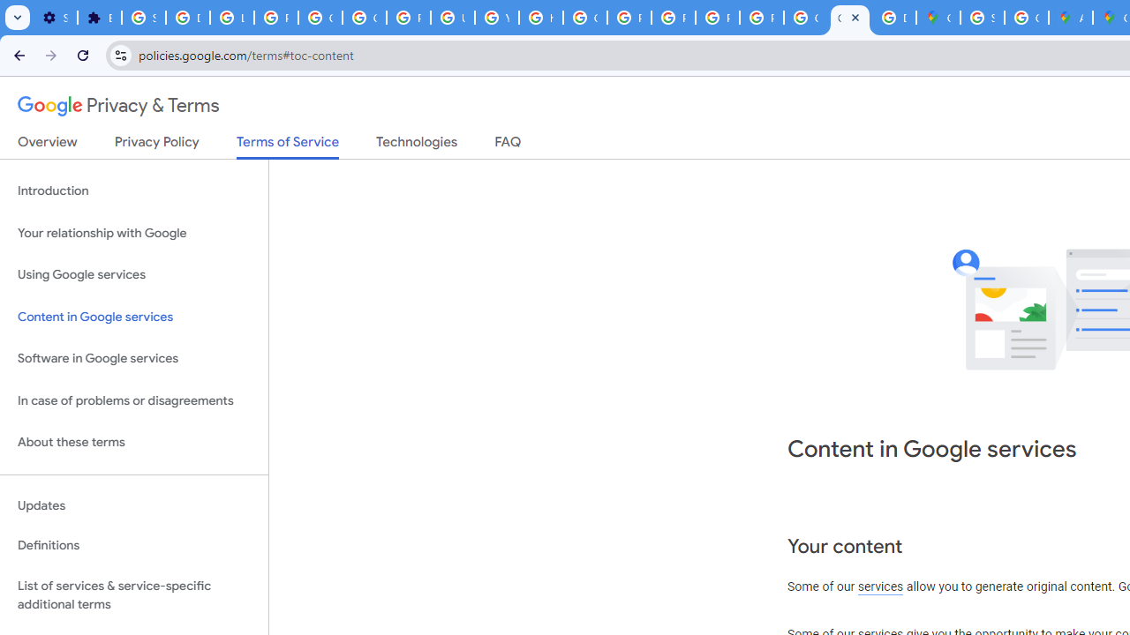 The image size is (1130, 635). Describe the element at coordinates (288, 146) in the screenshot. I see `'Terms of Service'` at that location.